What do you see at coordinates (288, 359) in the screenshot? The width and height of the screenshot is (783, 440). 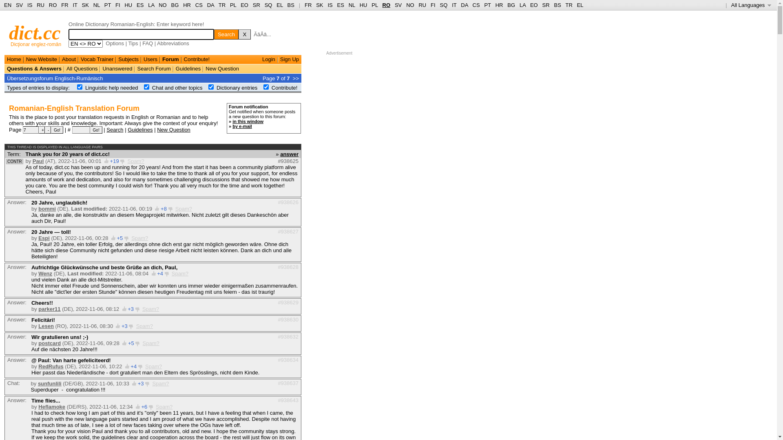 I see `'#938634'` at bounding box center [288, 359].